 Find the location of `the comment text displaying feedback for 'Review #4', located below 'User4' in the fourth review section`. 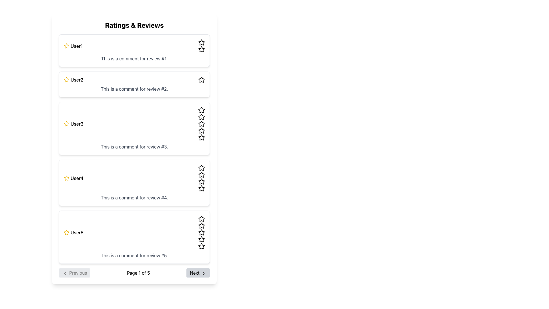

the comment text displaying feedback for 'Review #4', located below 'User4' in the fourth review section is located at coordinates (134, 197).